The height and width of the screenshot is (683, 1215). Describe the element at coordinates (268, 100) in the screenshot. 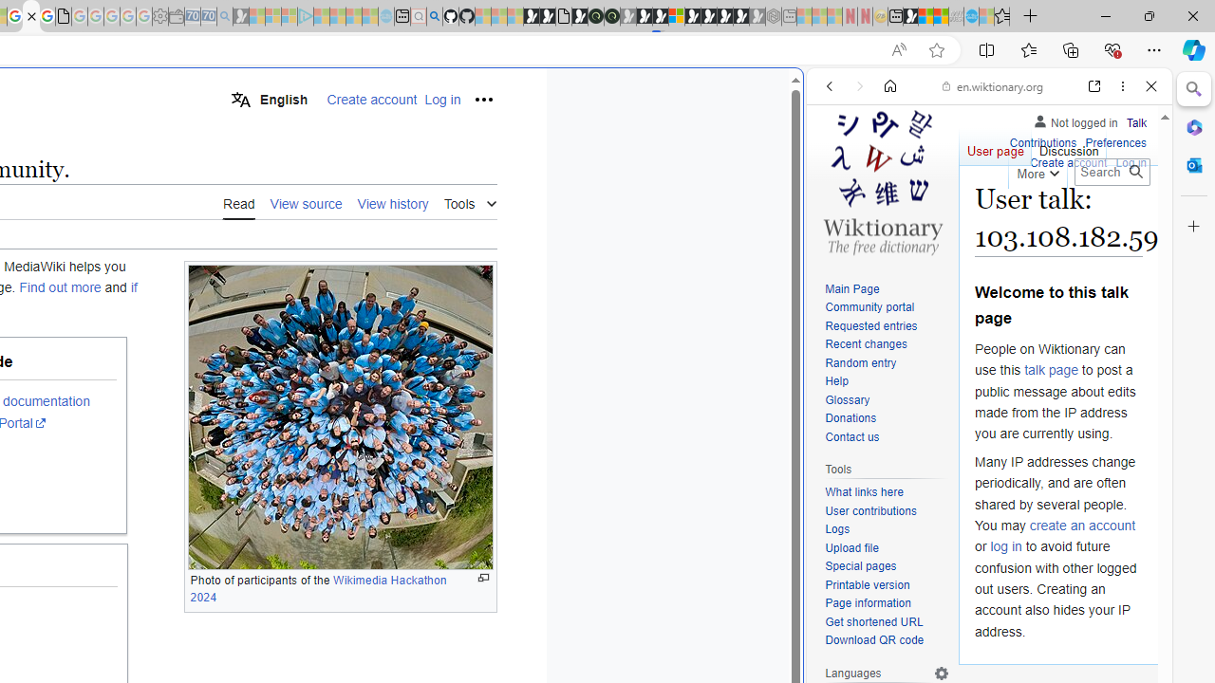

I see `'English'` at that location.